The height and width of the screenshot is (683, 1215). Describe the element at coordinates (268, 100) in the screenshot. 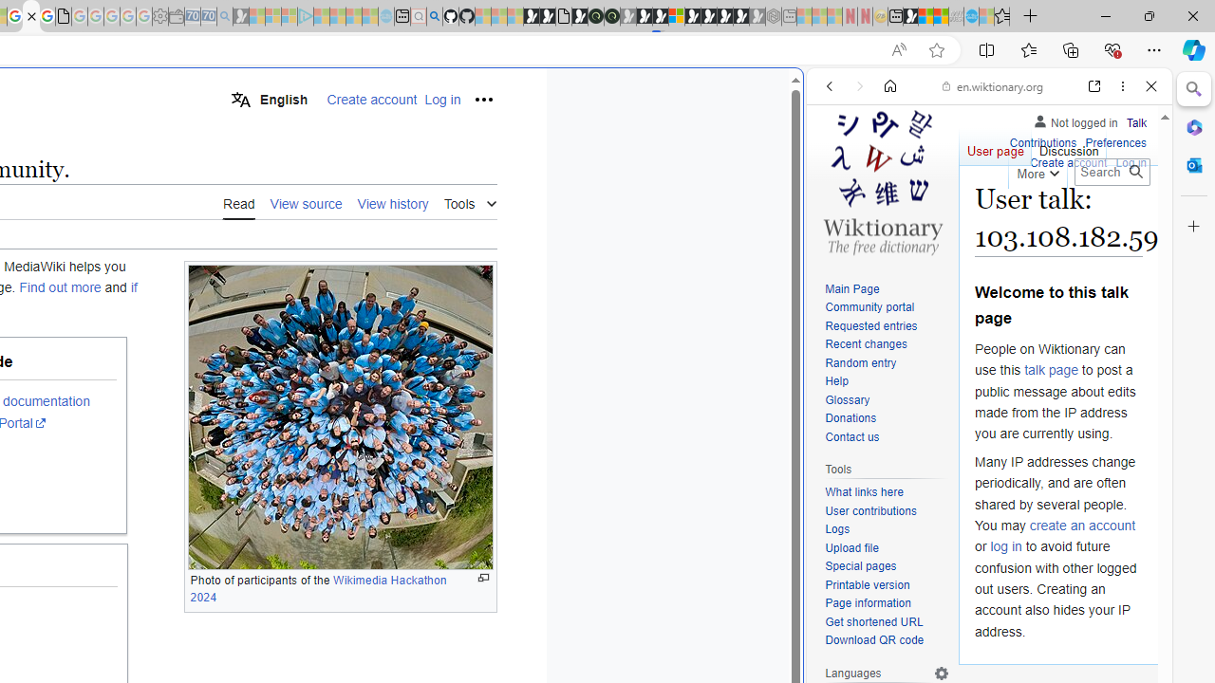

I see `'English'` at that location.